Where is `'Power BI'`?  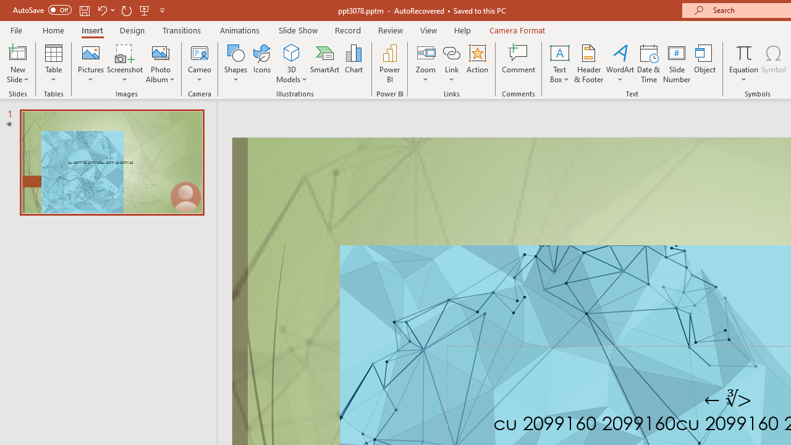
'Power BI' is located at coordinates (389, 64).